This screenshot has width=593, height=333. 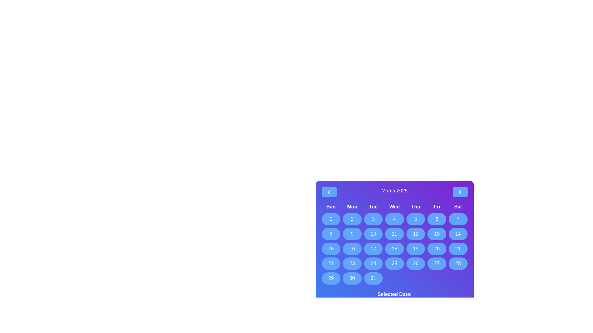 I want to click on the static text label that represents Sundays in the calendar, located at the top of the calendar grid, so click(x=330, y=207).